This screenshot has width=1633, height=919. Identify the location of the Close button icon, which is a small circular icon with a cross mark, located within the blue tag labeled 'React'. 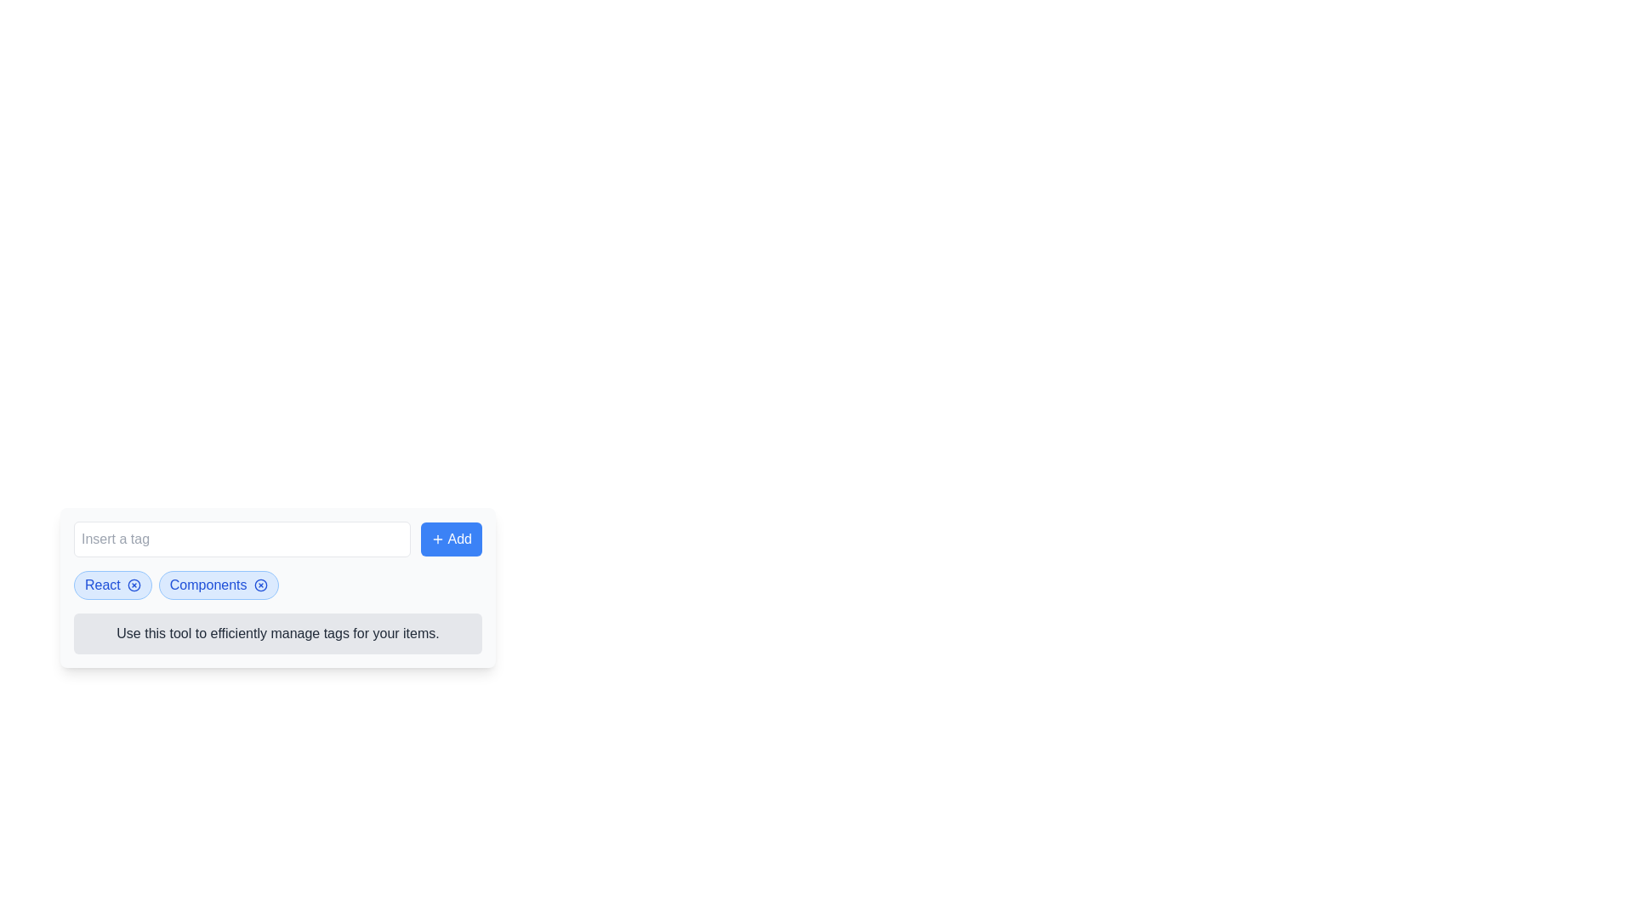
(133, 584).